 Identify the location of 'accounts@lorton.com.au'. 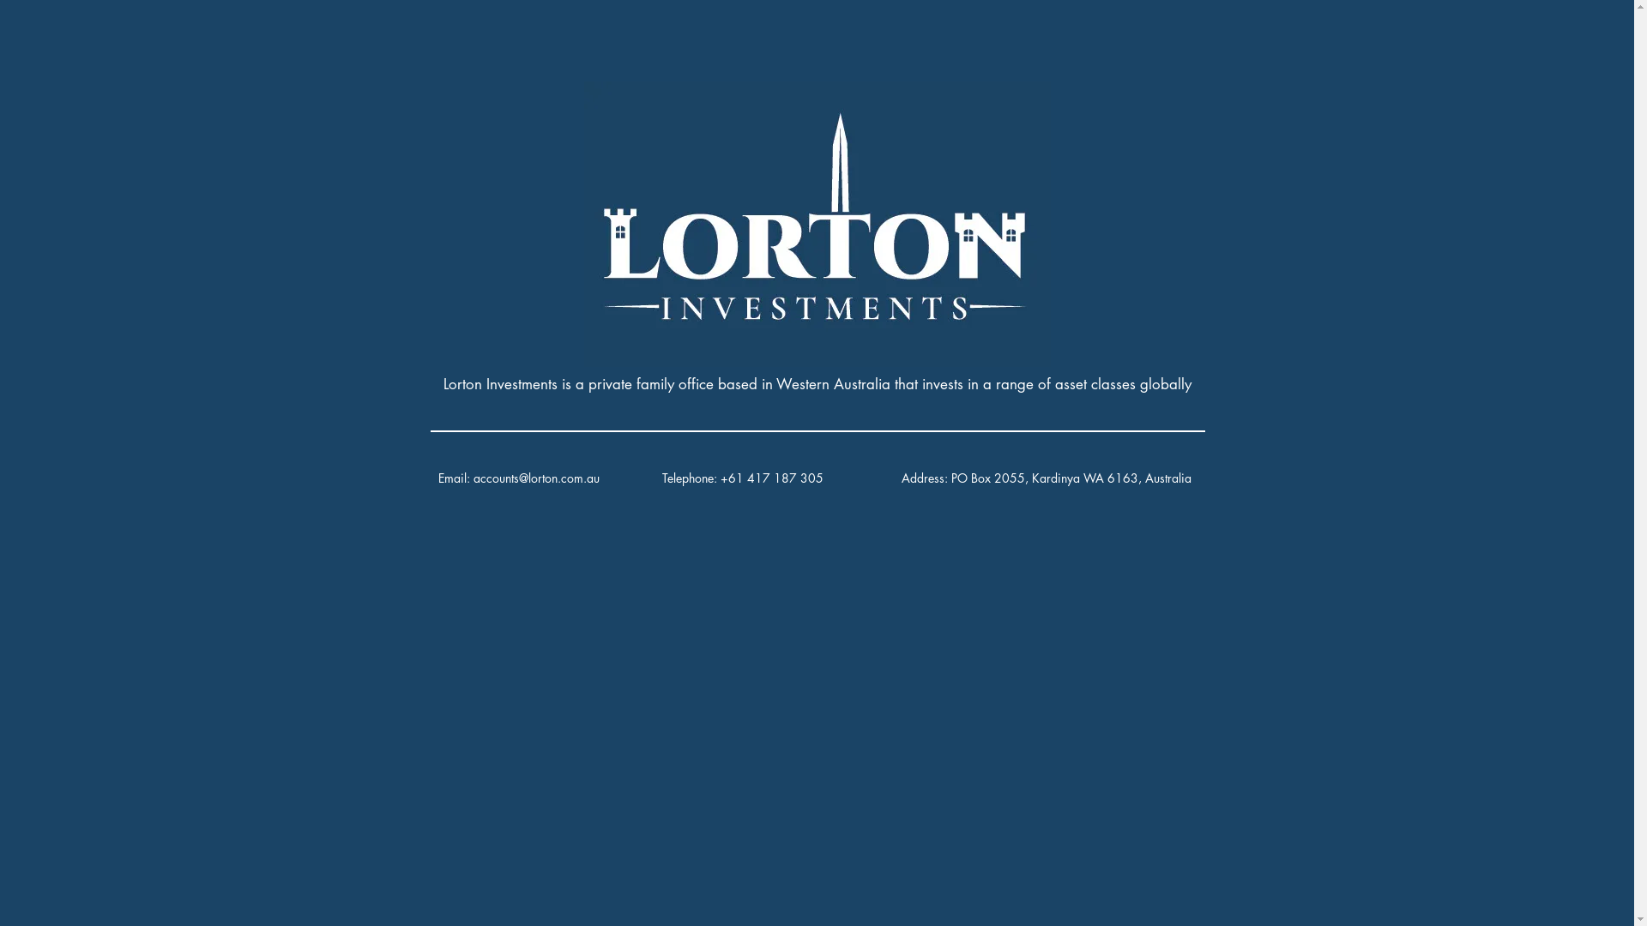
(474, 478).